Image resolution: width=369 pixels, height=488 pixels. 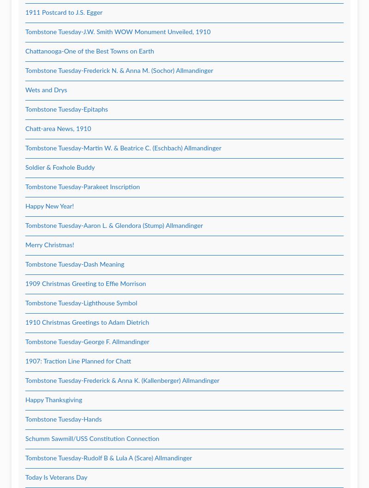 What do you see at coordinates (77, 361) in the screenshot?
I see `'1907: Traction Line Planned for Chatt'` at bounding box center [77, 361].